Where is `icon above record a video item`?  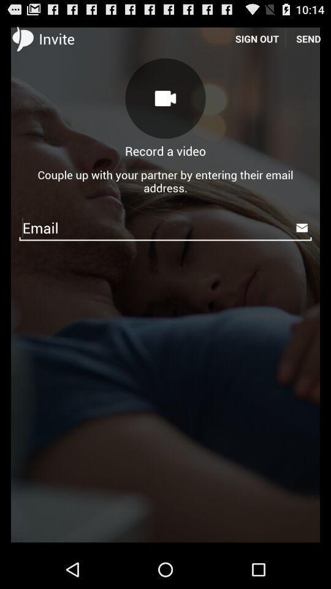 icon above record a video item is located at coordinates (165, 98).